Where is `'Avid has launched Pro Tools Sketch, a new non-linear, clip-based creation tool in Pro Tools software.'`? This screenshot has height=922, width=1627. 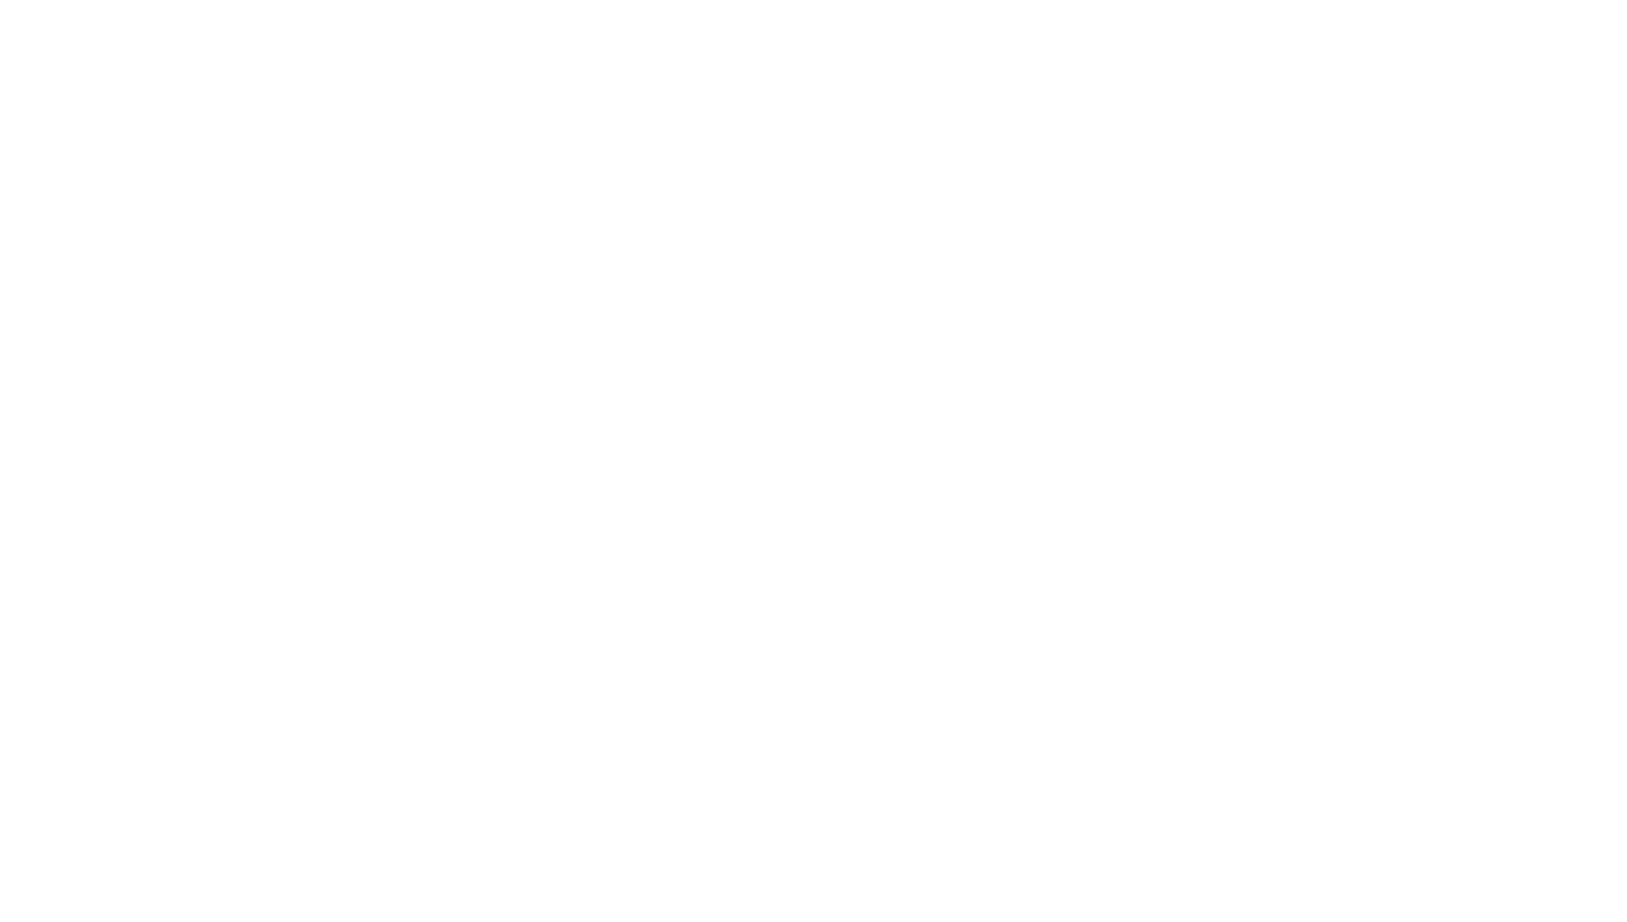
'Avid has launched Pro Tools Sketch, a new non-linear, clip-based creation tool in Pro Tools software.' is located at coordinates (750, 573).